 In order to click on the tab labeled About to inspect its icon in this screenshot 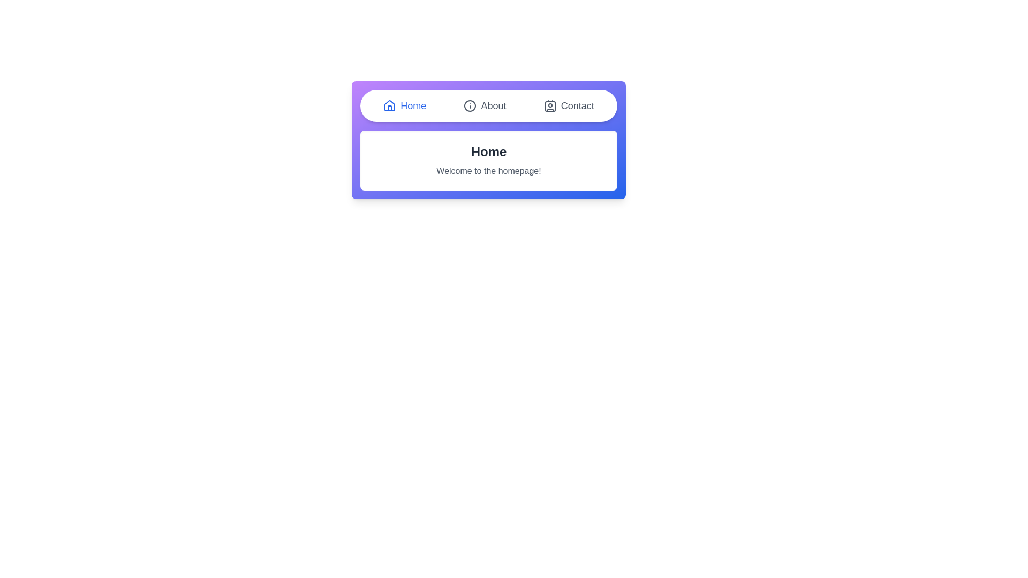, I will do `click(485, 105)`.